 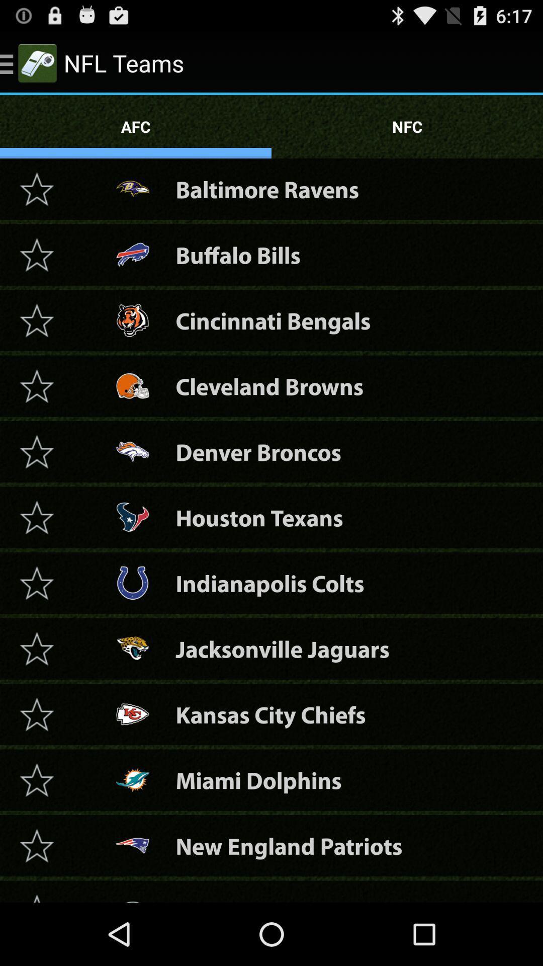 What do you see at coordinates (36, 649) in the screenshot?
I see `team to favorites` at bounding box center [36, 649].